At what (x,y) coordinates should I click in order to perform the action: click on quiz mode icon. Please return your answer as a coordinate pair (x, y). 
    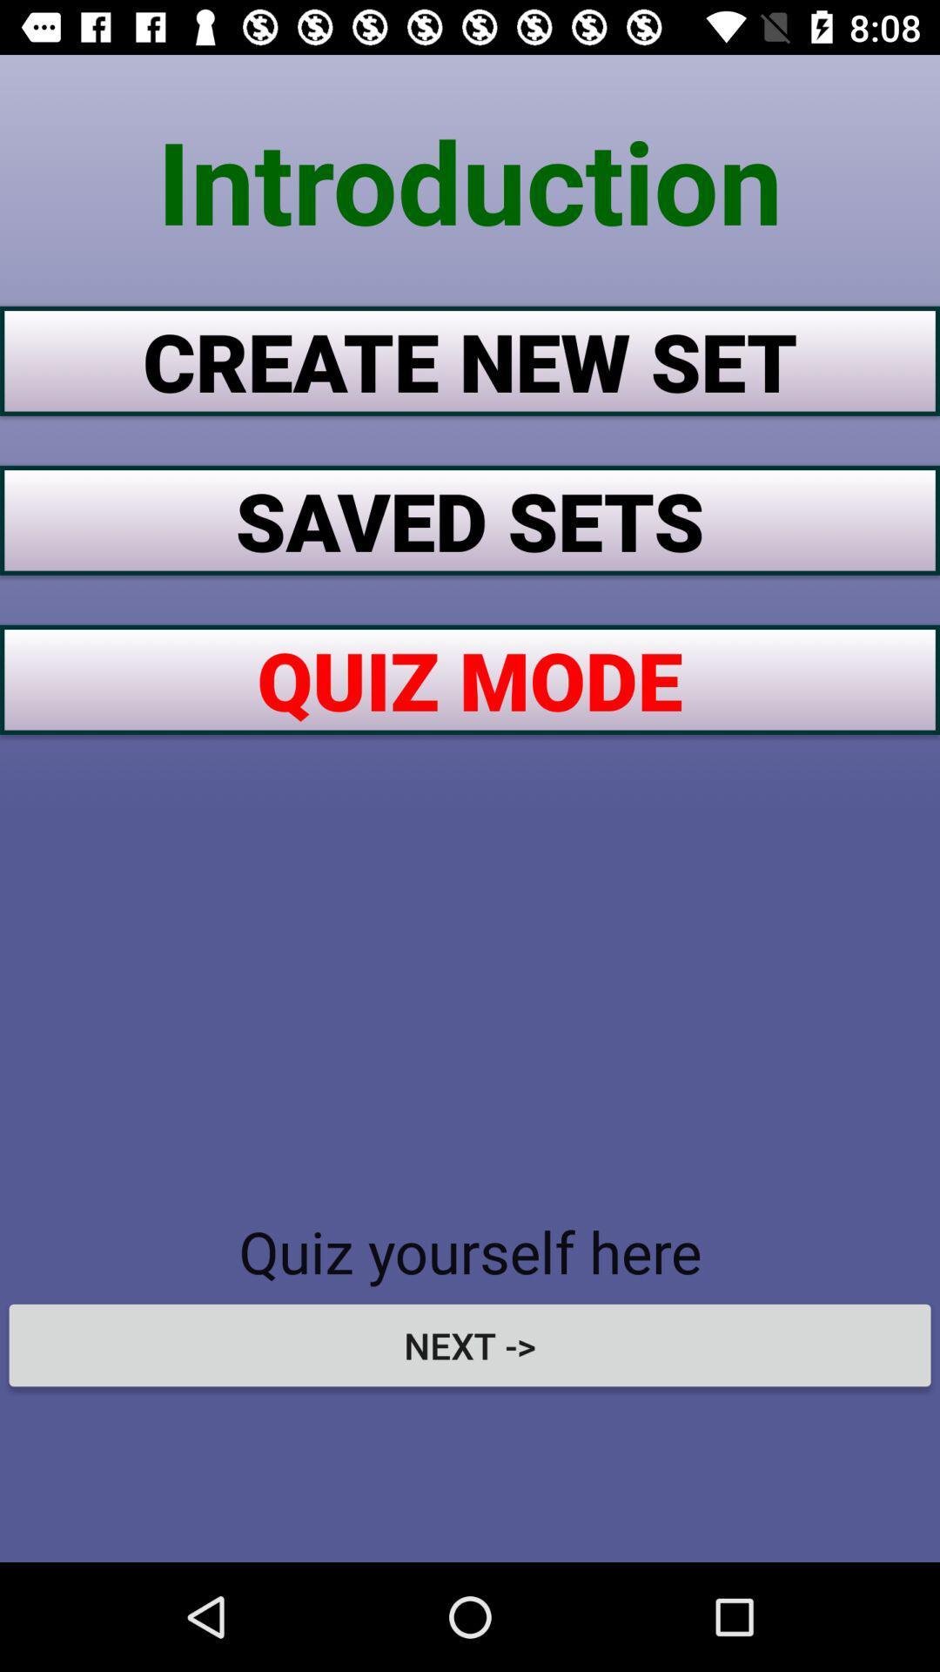
    Looking at the image, I should click on (470, 678).